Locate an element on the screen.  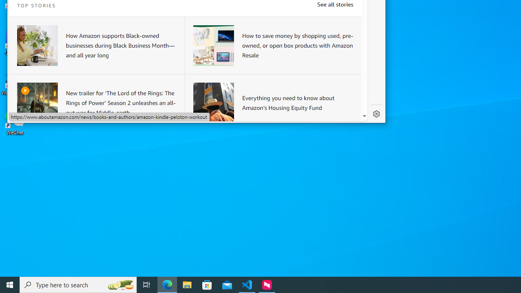
'Search highlights icon opens search home window' is located at coordinates (120, 284).